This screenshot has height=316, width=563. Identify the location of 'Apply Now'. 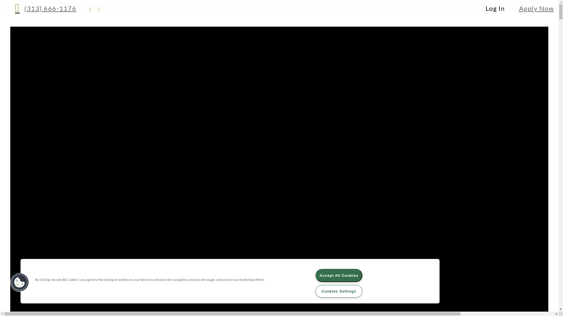
(536, 8).